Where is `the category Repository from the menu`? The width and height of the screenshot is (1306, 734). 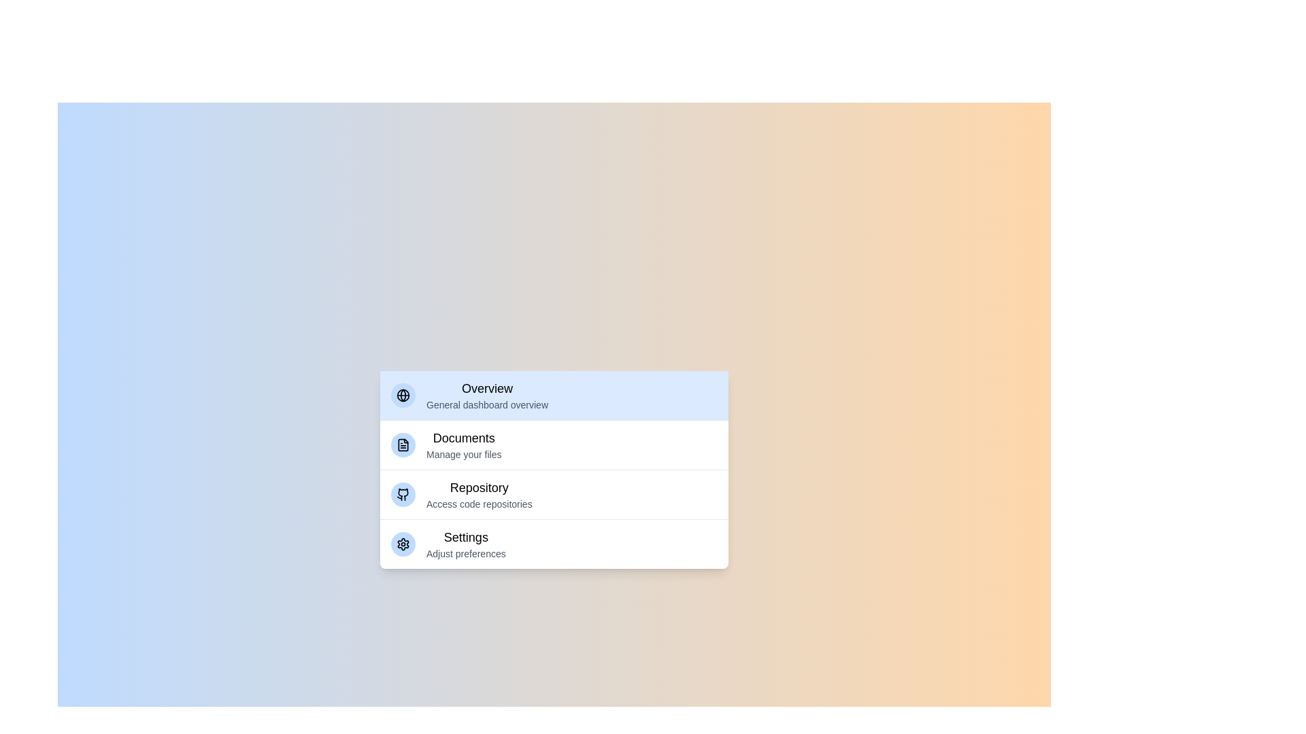 the category Repository from the menu is located at coordinates (554, 493).